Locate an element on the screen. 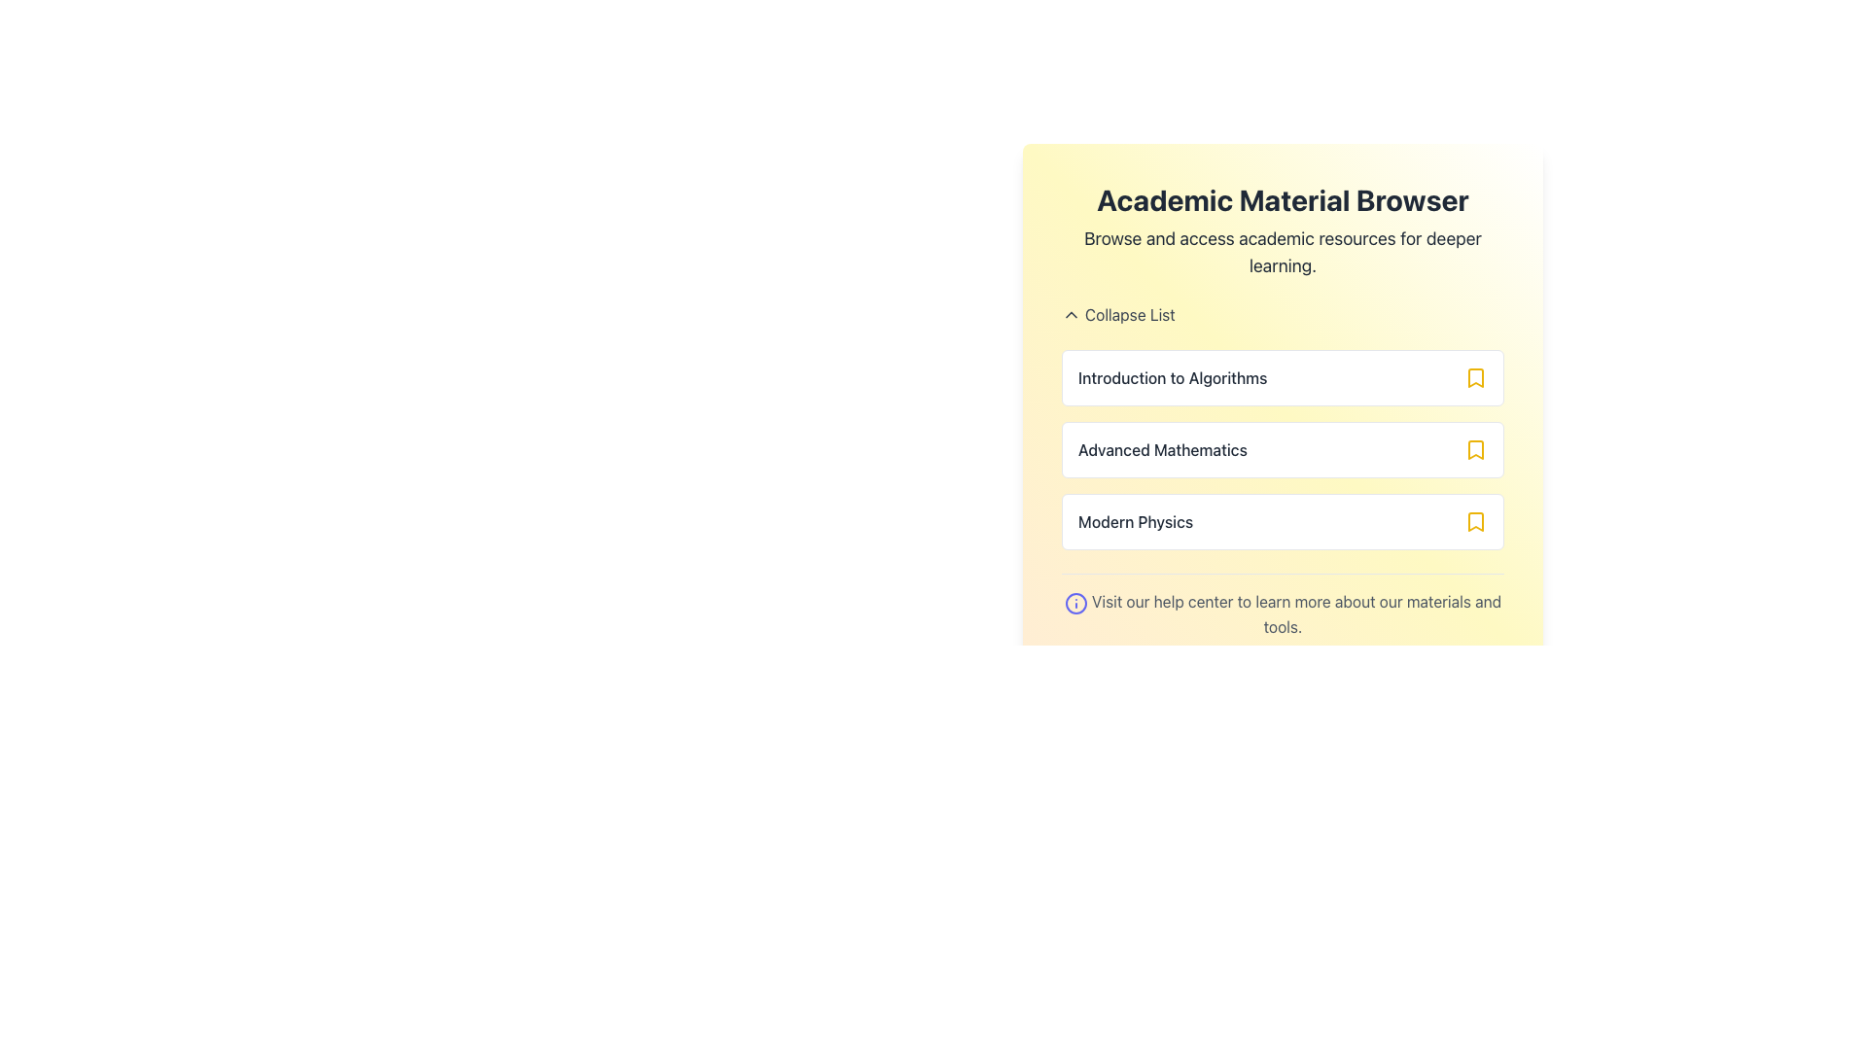 The width and height of the screenshot is (1867, 1050). the bookmark icon located to the right of the text 'Modern Physics' in the third button of the vertical list is located at coordinates (1475, 520).